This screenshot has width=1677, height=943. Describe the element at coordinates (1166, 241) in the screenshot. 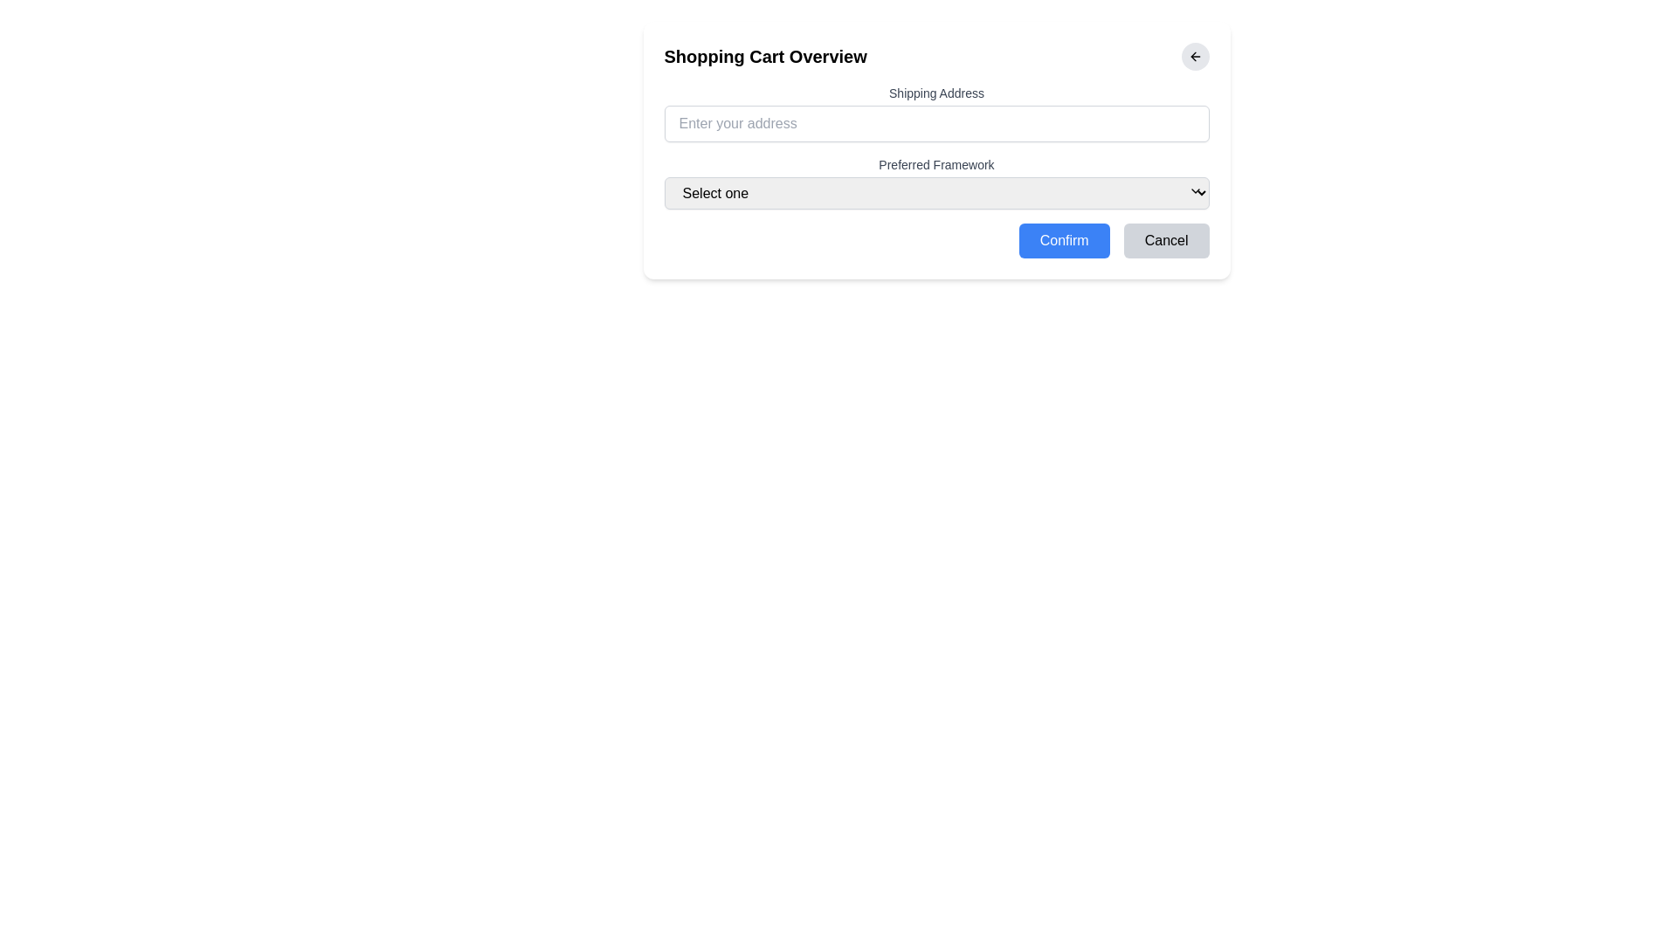

I see `the cancel button located to the right of the 'Confirm' button at the bottom-right of the card layout to change its background shade` at that location.